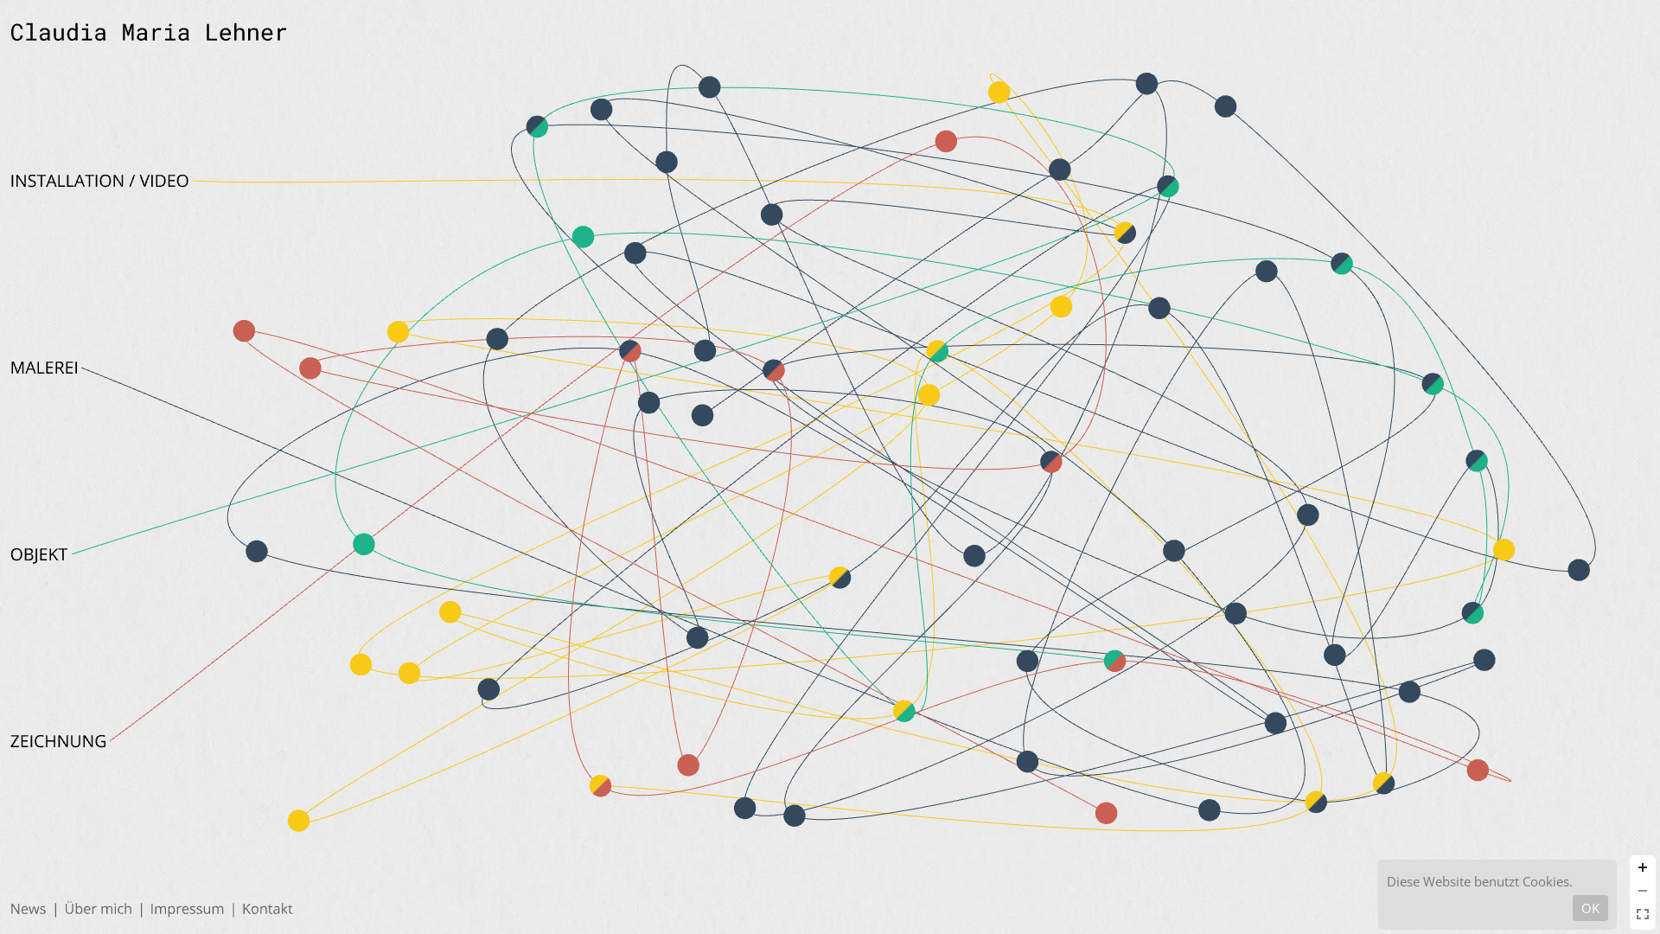 The width and height of the screenshot is (1660, 934). I want to click on 'OK', so click(1590, 906).